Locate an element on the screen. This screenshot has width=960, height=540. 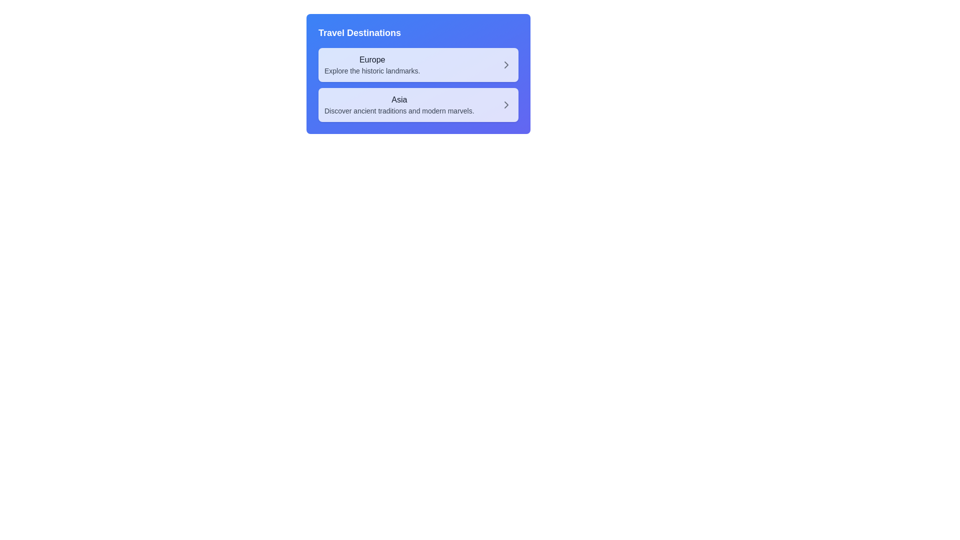
the second list item in the 'Travel Destinations' section is located at coordinates (398, 104).